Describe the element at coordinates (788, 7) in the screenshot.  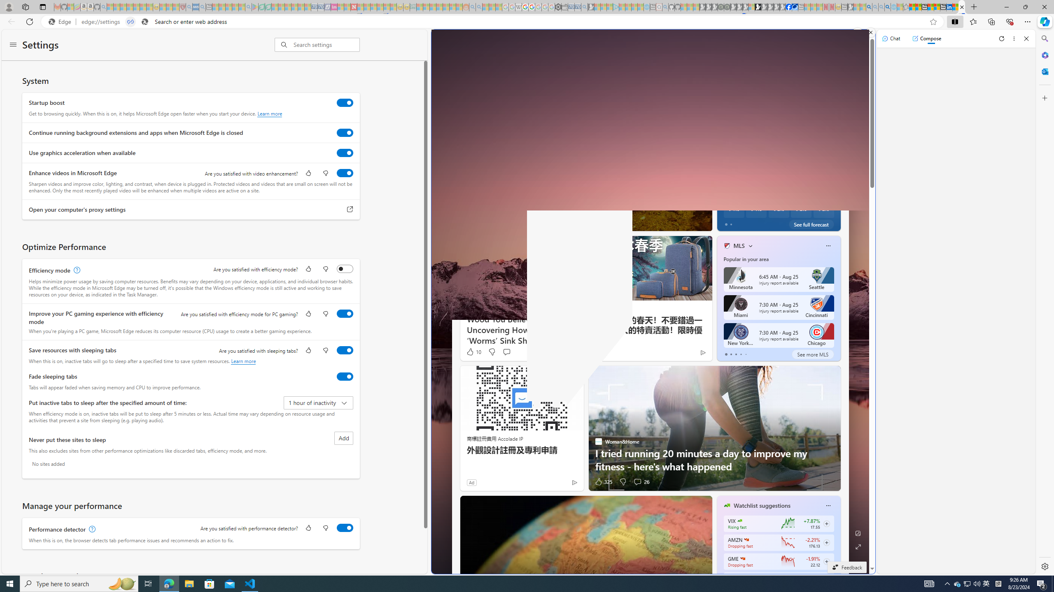
I see `'Nordace | Facebook'` at that location.